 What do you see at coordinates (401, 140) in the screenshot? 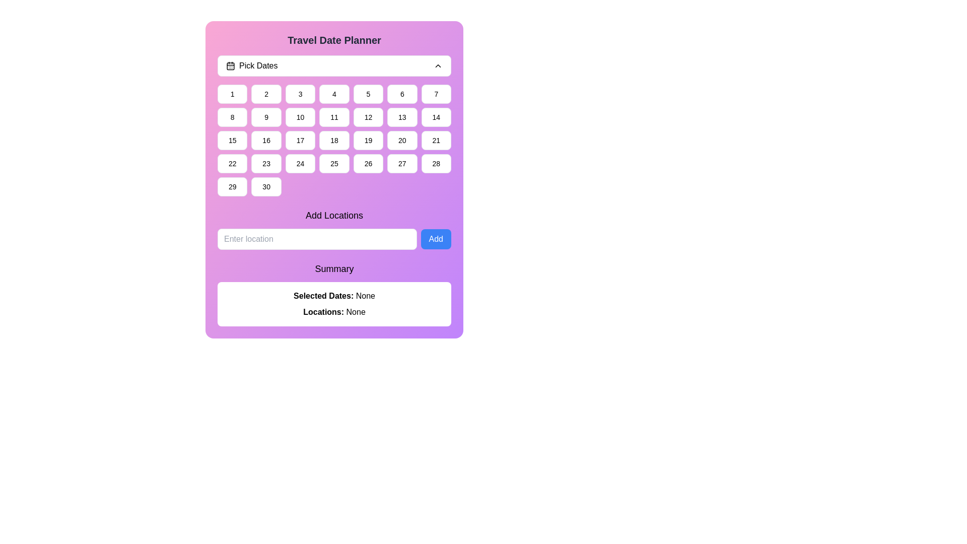
I see `the rectangular button with a white background and rounded corners that contains the number '20' in bold black text, located in the third row and third column of the 'Pick Dates' section` at bounding box center [401, 140].